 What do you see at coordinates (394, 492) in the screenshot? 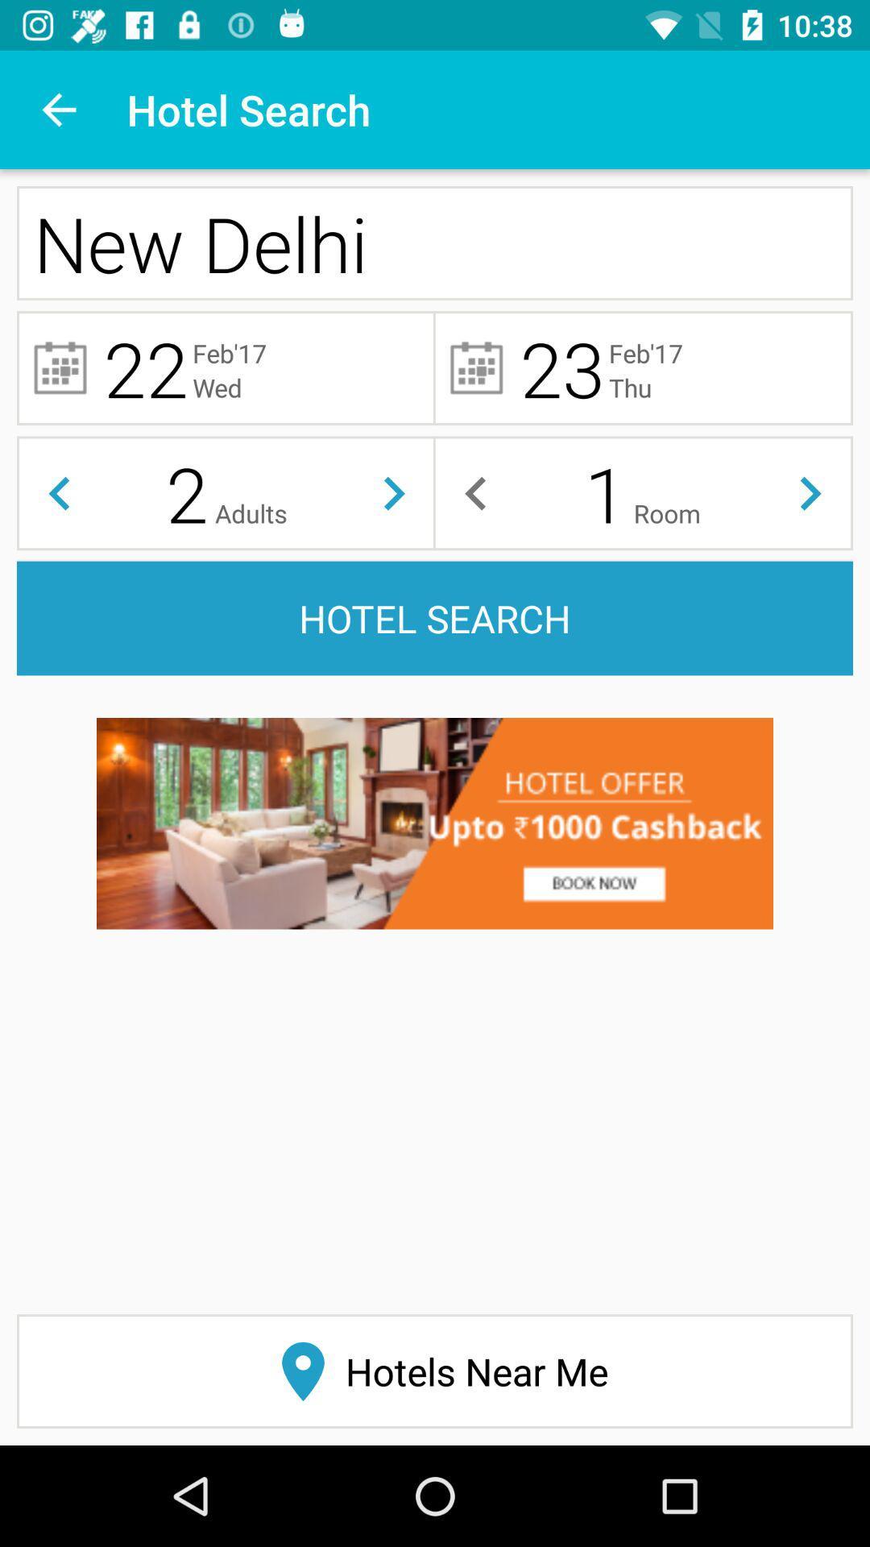
I see `increase number of adults` at bounding box center [394, 492].